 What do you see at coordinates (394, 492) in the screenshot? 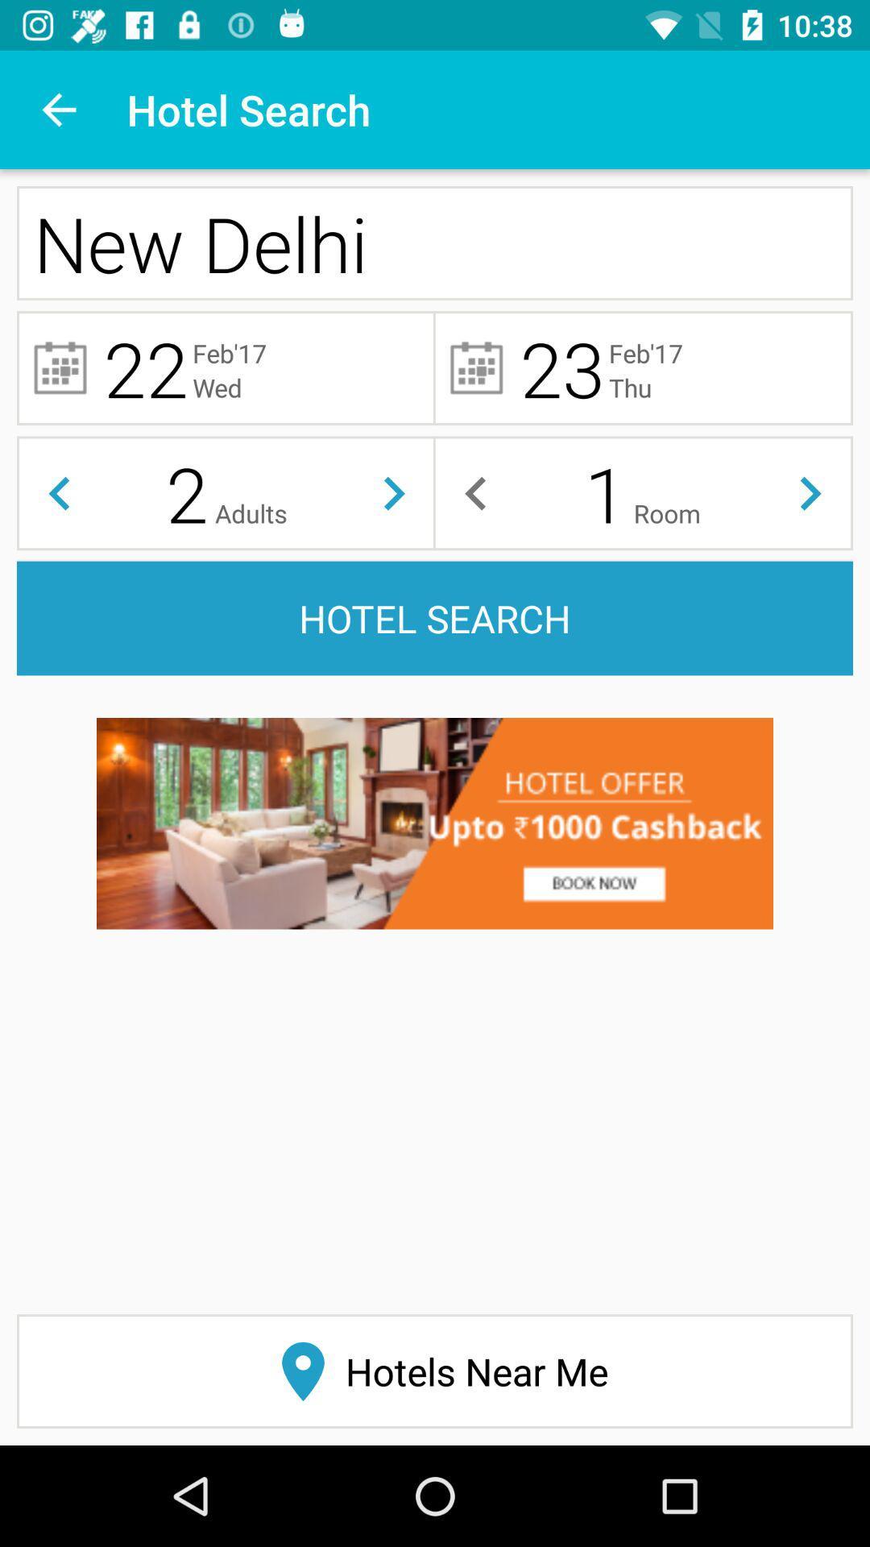
I see `increase number of adults` at bounding box center [394, 492].